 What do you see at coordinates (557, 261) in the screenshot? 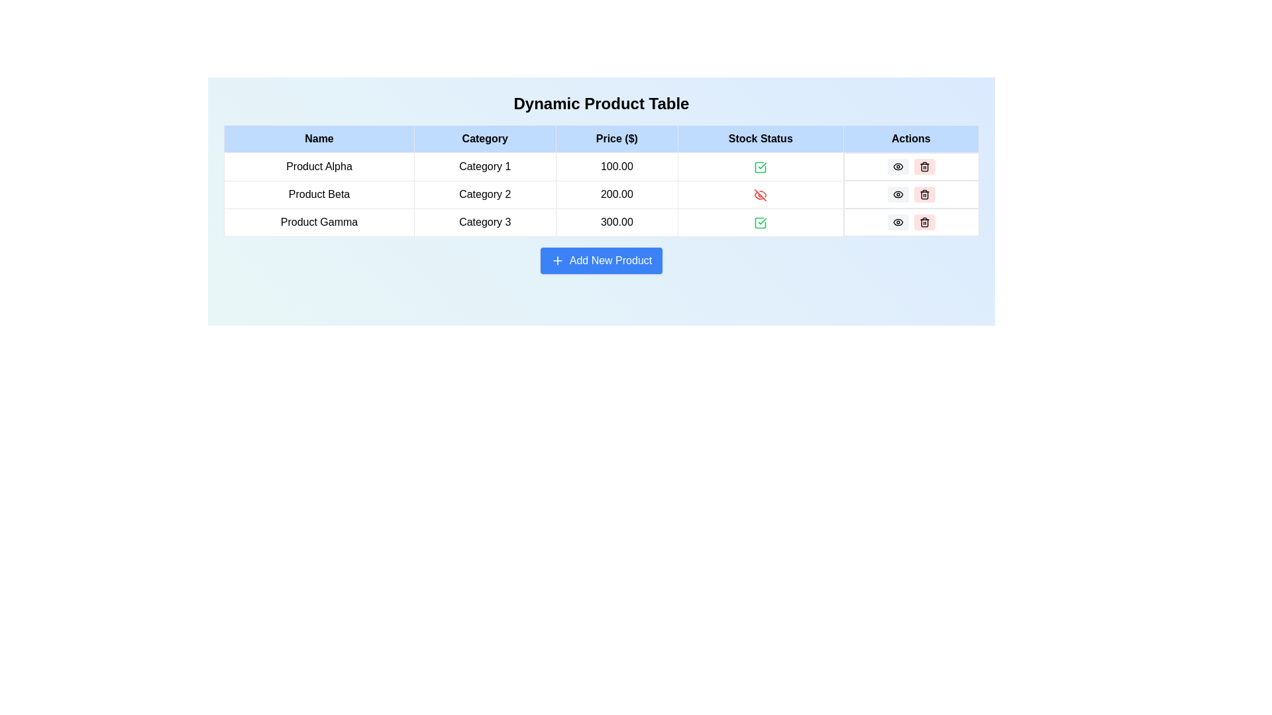
I see `the small blue plus icon located within the 'Add New Product' button, positioned at the lower center of the interface` at bounding box center [557, 261].